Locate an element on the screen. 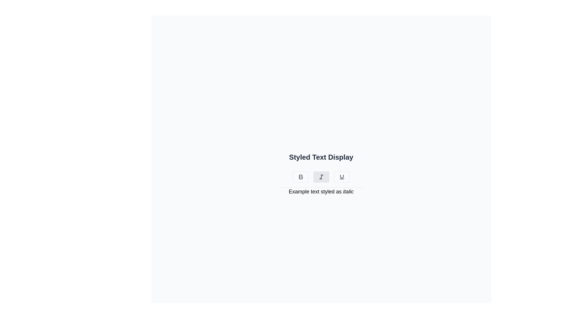 The width and height of the screenshot is (564, 317). last word 'italic' in the sentence 'Example text styled as italic' which emphasizes the italic style, located below the title 'Styled Text Display' is located at coordinates (348, 191).